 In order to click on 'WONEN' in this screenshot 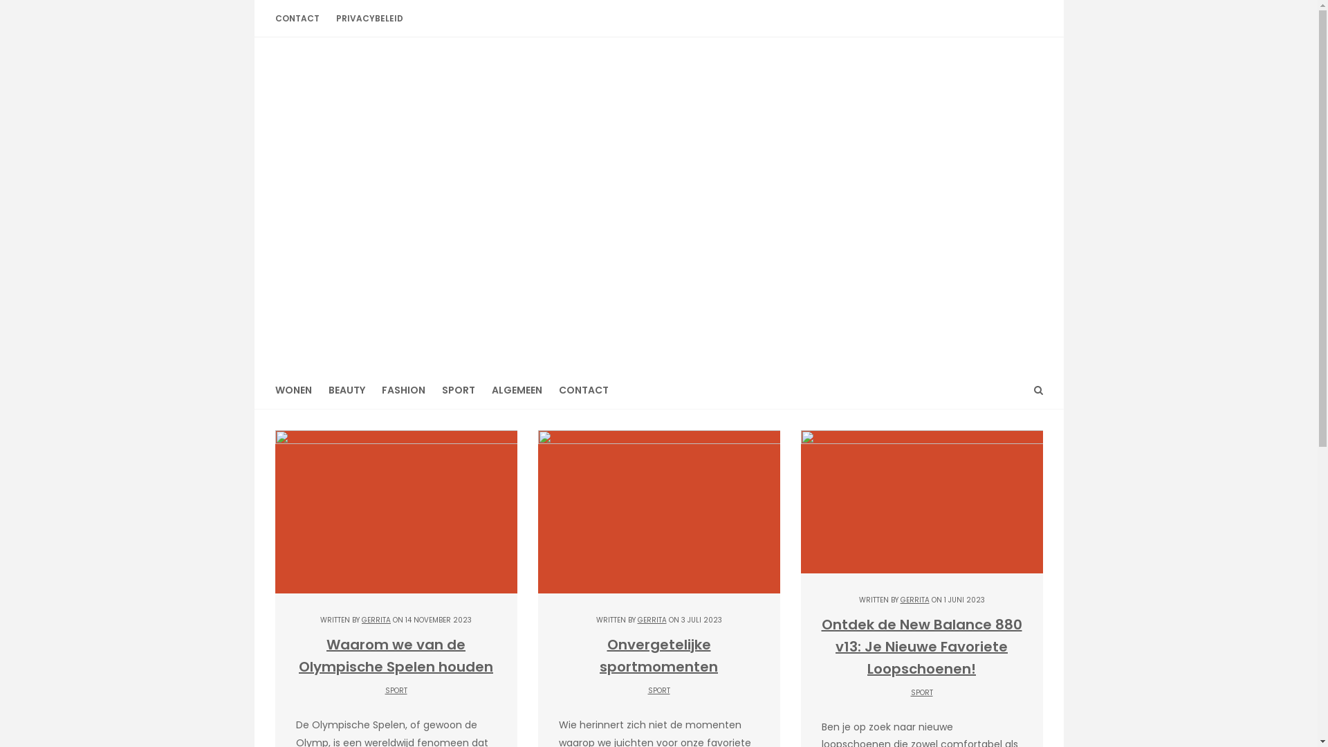, I will do `click(297, 390)`.